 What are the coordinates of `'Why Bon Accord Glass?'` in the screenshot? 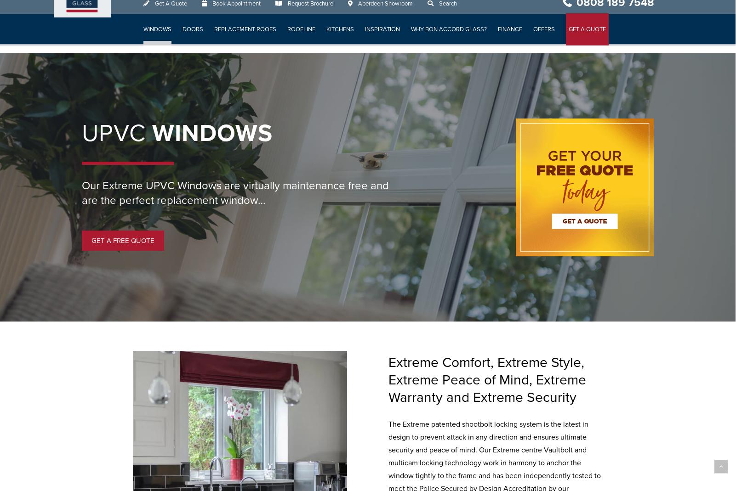 It's located at (449, 37).